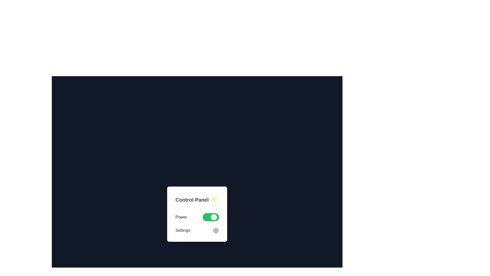 This screenshot has height=276, width=490. Describe the element at coordinates (183, 231) in the screenshot. I see `the Text Label positioned in the bottom-left section, which describes the nearby settings-related icon or button` at that location.